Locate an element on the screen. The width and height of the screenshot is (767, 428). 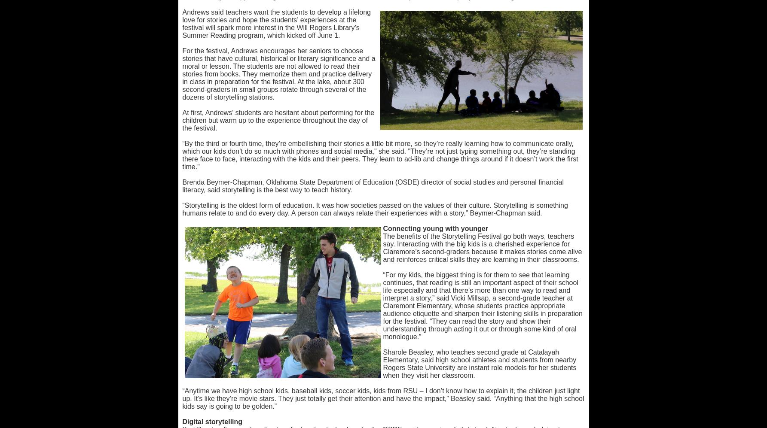
'“Storytelling is the oldest form of education. It was how societies passed on the values of their culture. Storytelling is something humans relate to and do every day. A person can always relate their experiences with a story,” Beymer-Chapman said.' is located at coordinates (375, 209).